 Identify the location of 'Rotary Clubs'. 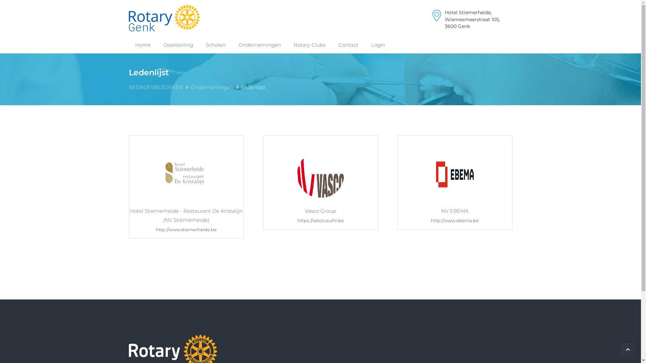
(309, 45).